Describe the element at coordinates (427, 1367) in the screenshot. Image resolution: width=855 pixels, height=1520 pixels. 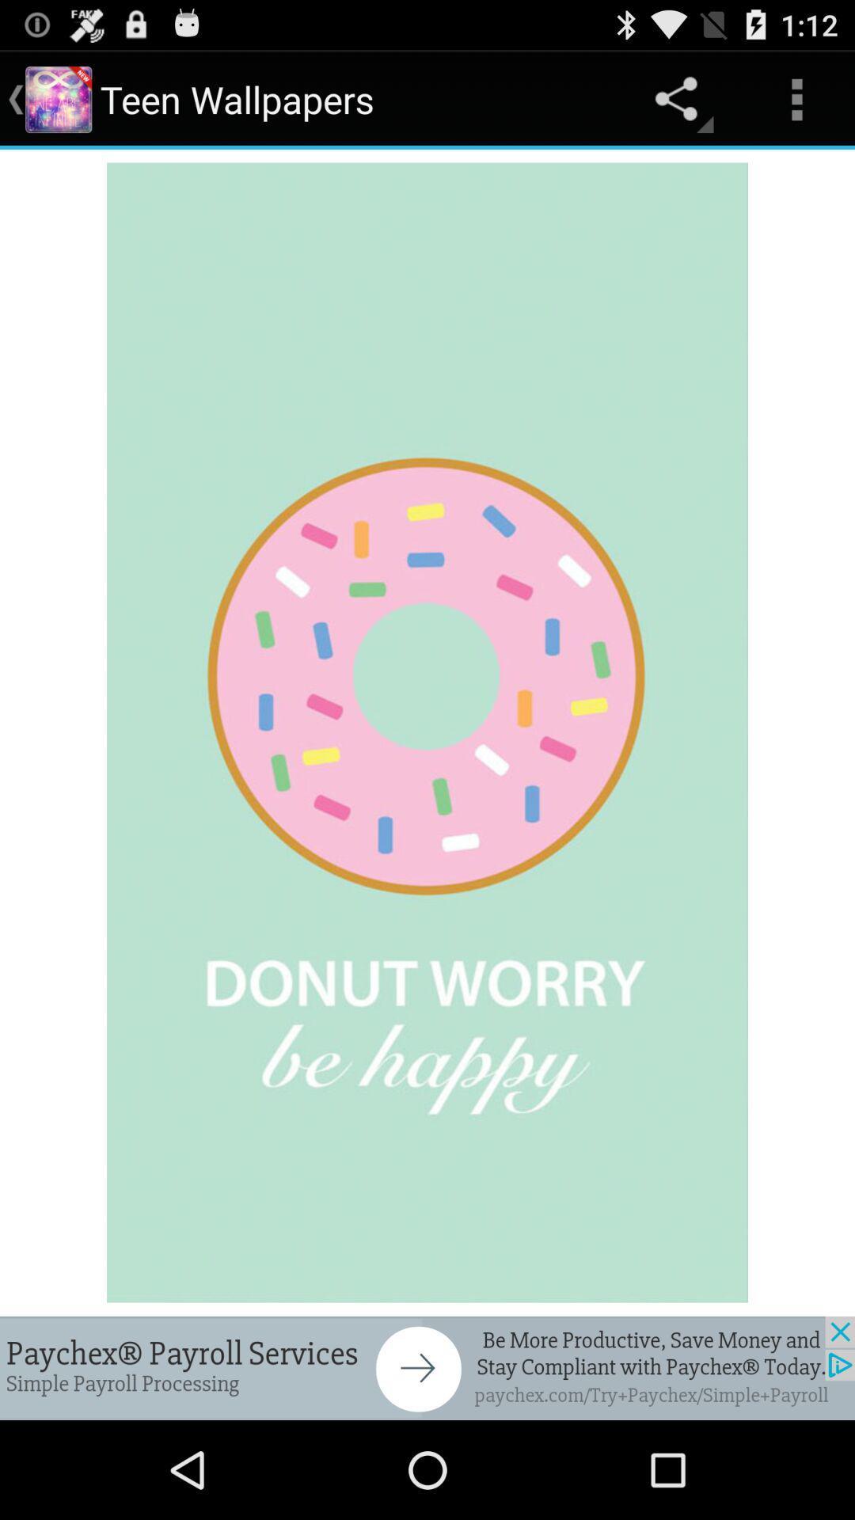
I see `click advertisement` at that location.